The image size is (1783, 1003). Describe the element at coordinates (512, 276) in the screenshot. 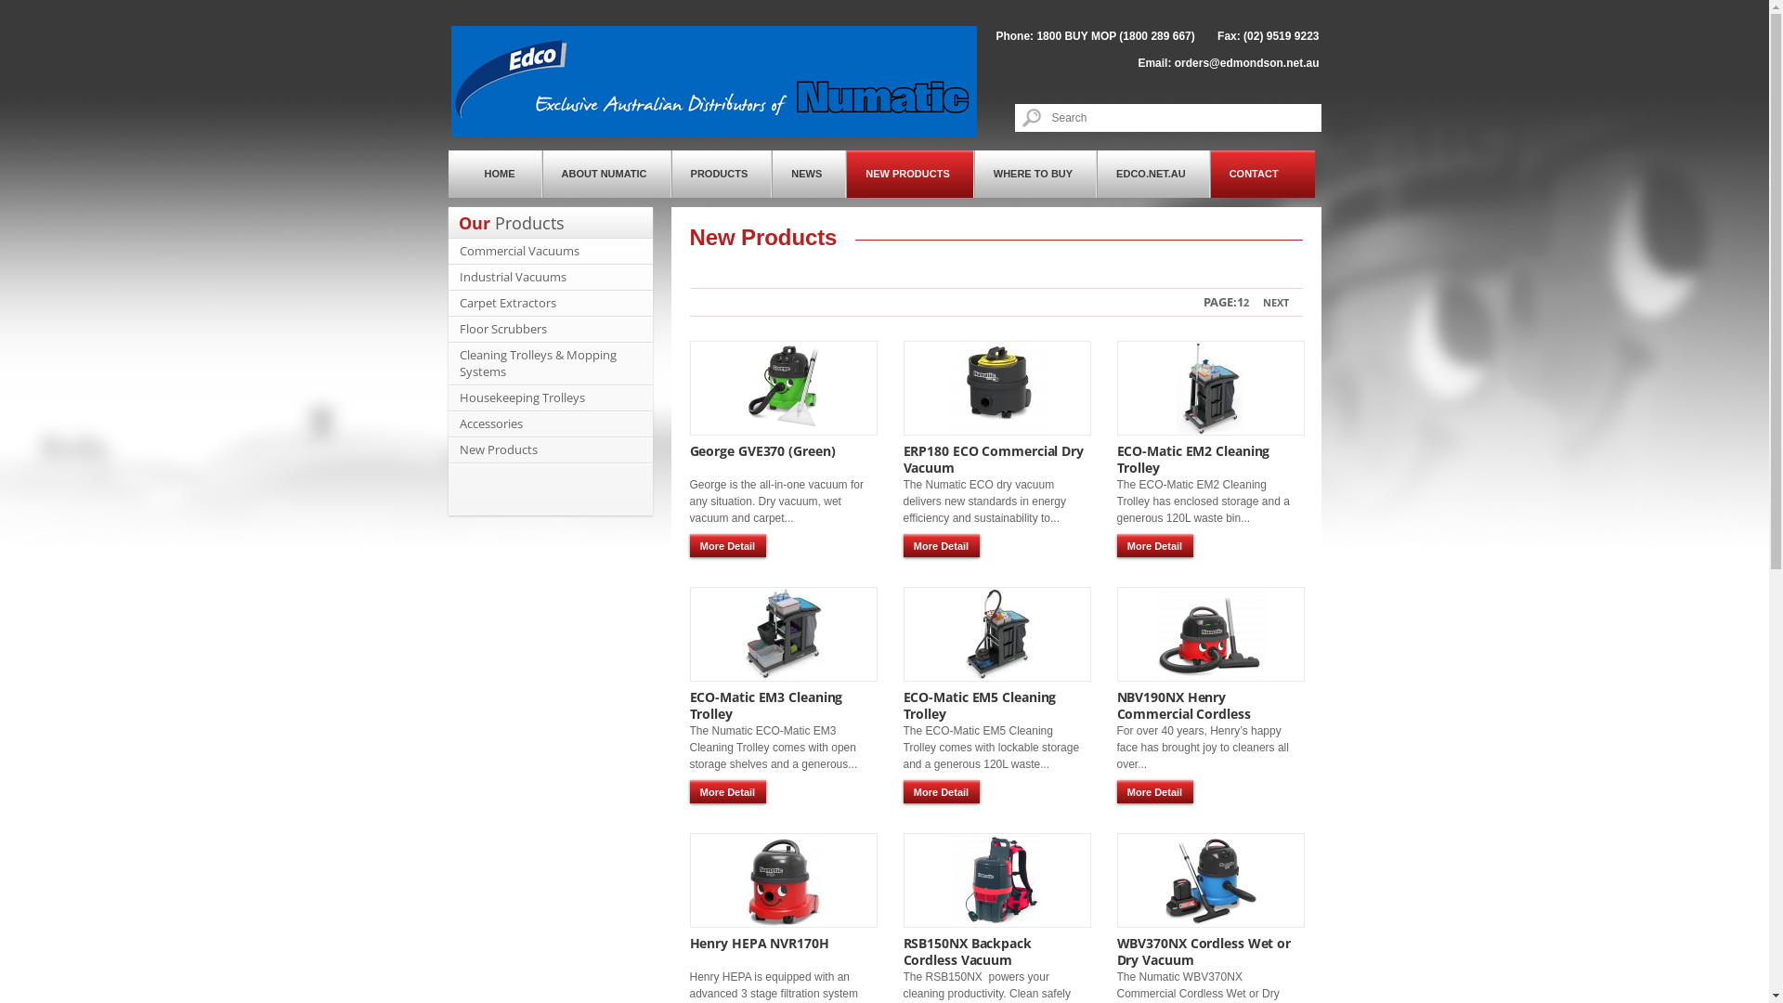

I see `'Industrial Vacuums'` at that location.